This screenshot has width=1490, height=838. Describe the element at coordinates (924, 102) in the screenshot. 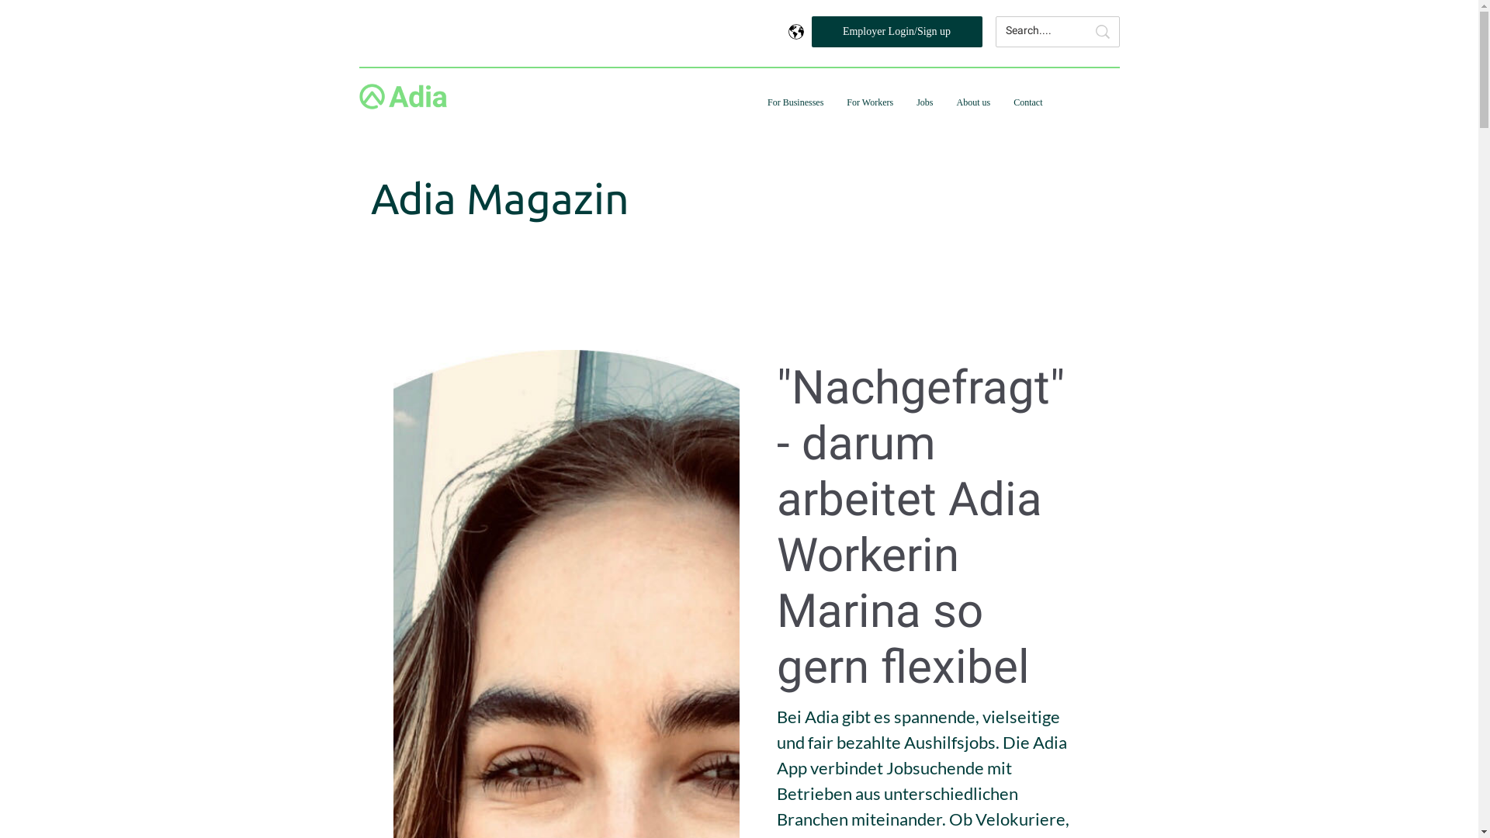

I see `'Jobs'` at that location.